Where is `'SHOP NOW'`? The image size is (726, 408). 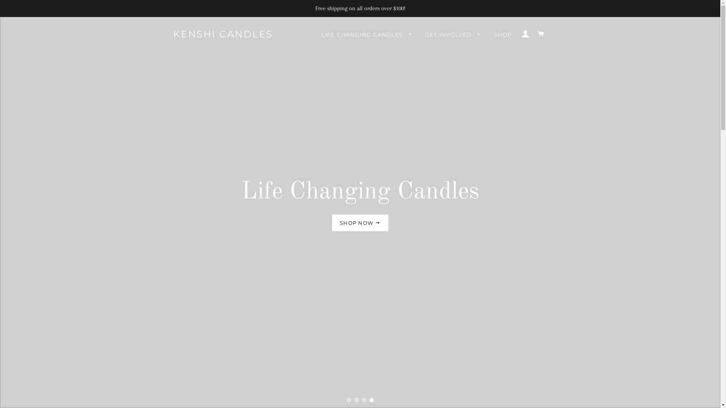
'SHOP NOW' is located at coordinates (360, 223).